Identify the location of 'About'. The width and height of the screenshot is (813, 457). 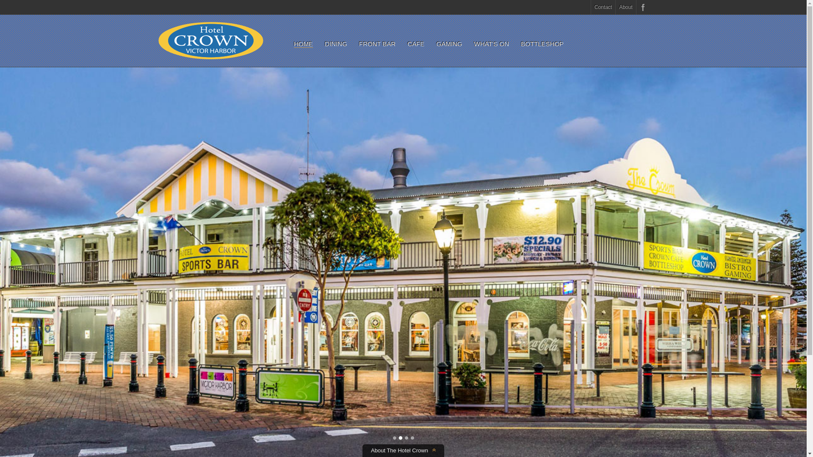
(616, 7).